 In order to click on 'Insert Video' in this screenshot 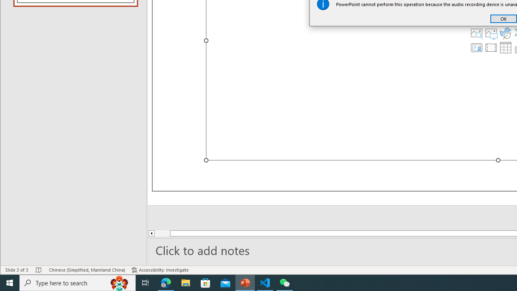, I will do `click(491, 48)`.